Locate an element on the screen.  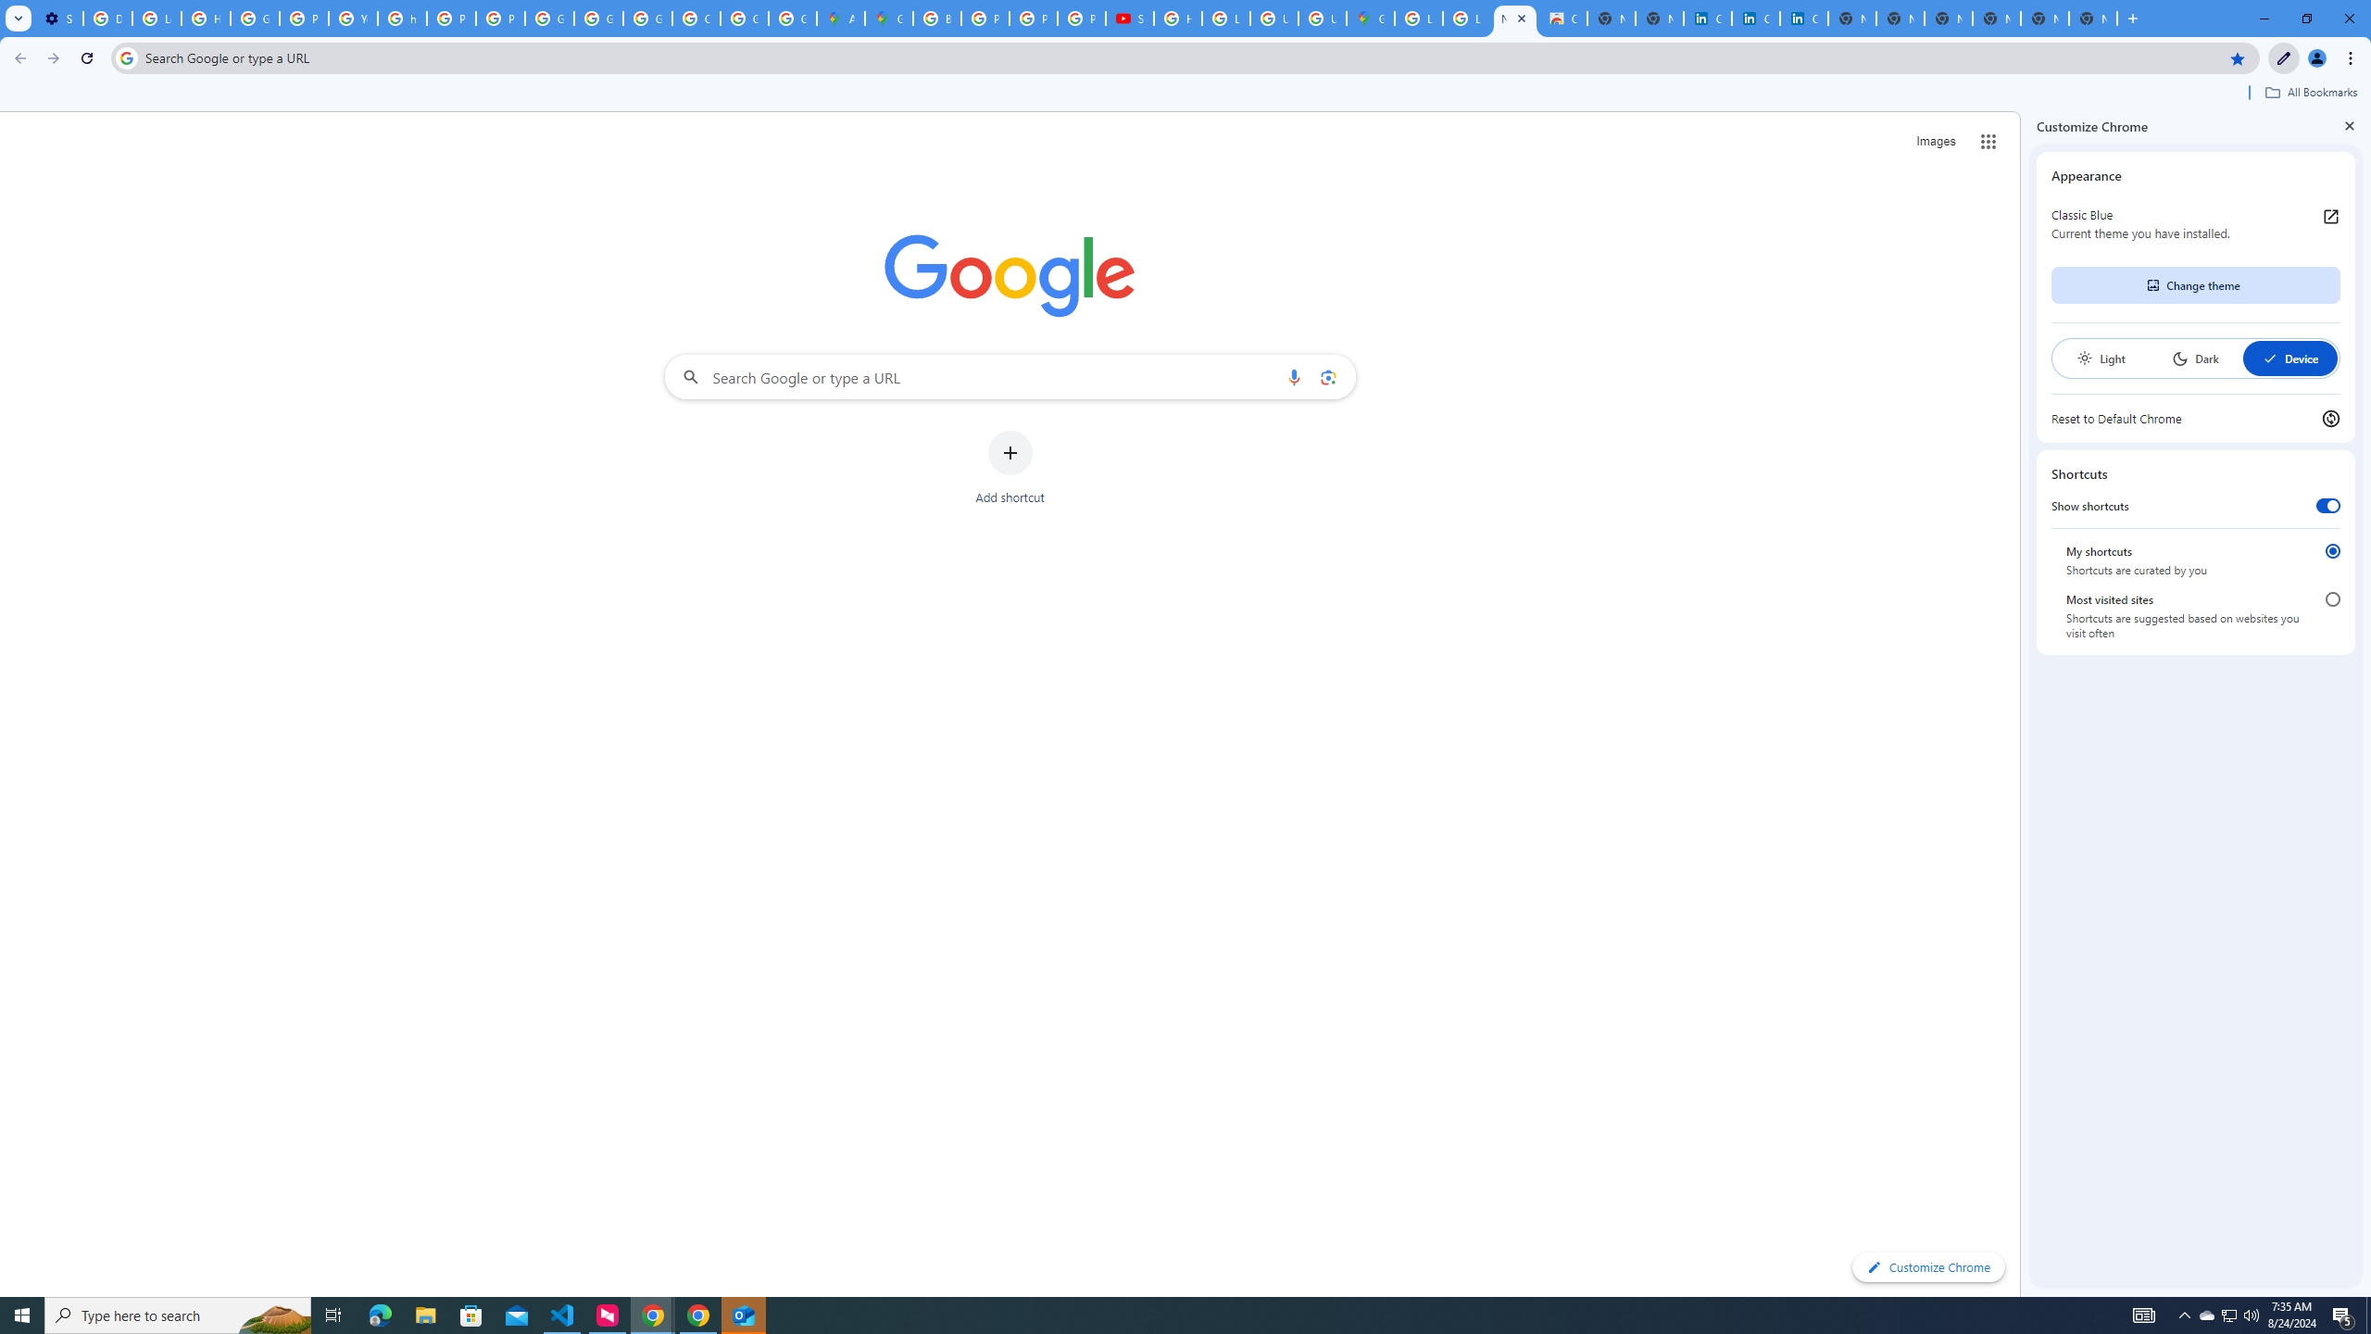
'Most visited sites' is located at coordinates (2333, 599).